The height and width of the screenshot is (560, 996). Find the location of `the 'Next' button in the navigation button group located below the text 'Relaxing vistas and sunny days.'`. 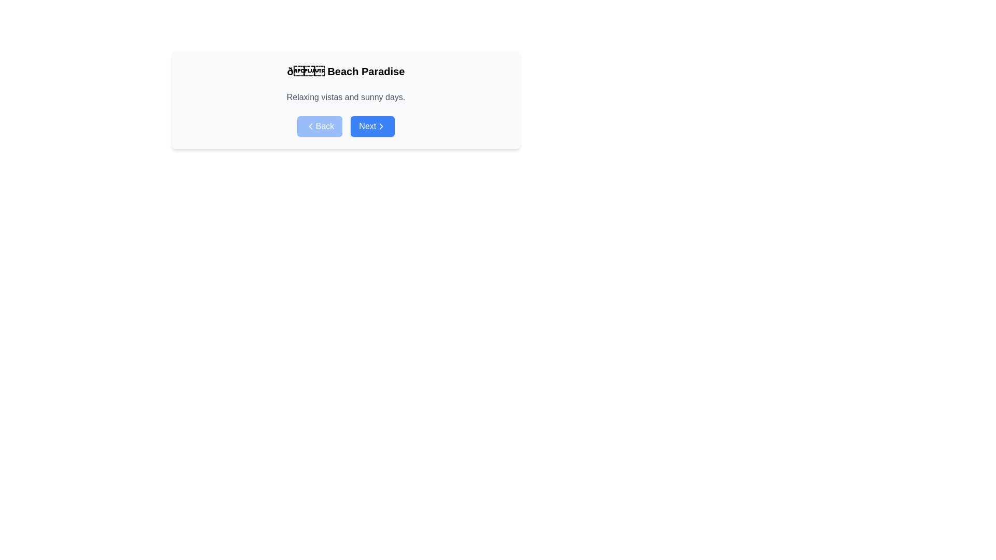

the 'Next' button in the navigation button group located below the text 'Relaxing vistas and sunny days.' is located at coordinates (346, 125).